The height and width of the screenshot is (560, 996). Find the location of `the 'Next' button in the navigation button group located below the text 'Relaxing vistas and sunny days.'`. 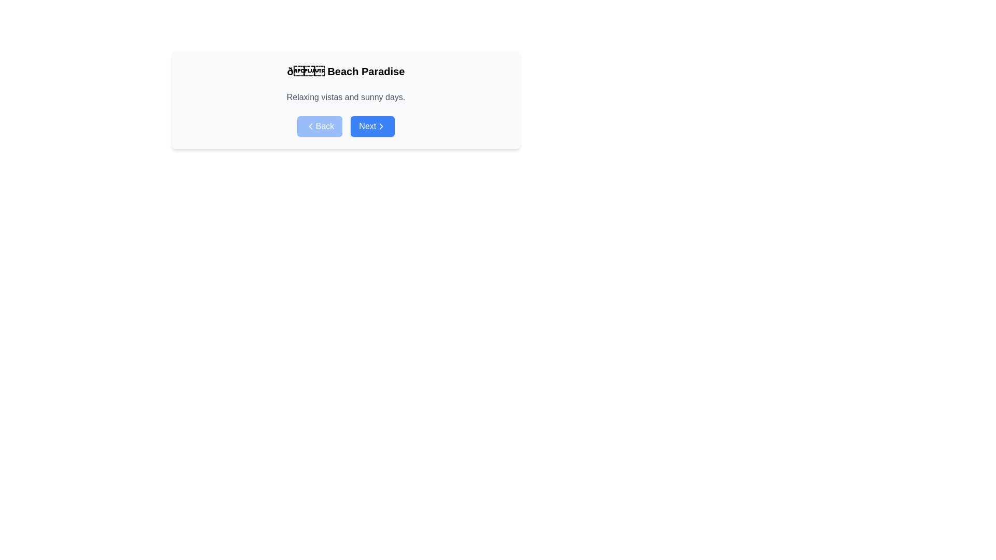

the 'Next' button in the navigation button group located below the text 'Relaxing vistas and sunny days.' is located at coordinates (346, 125).